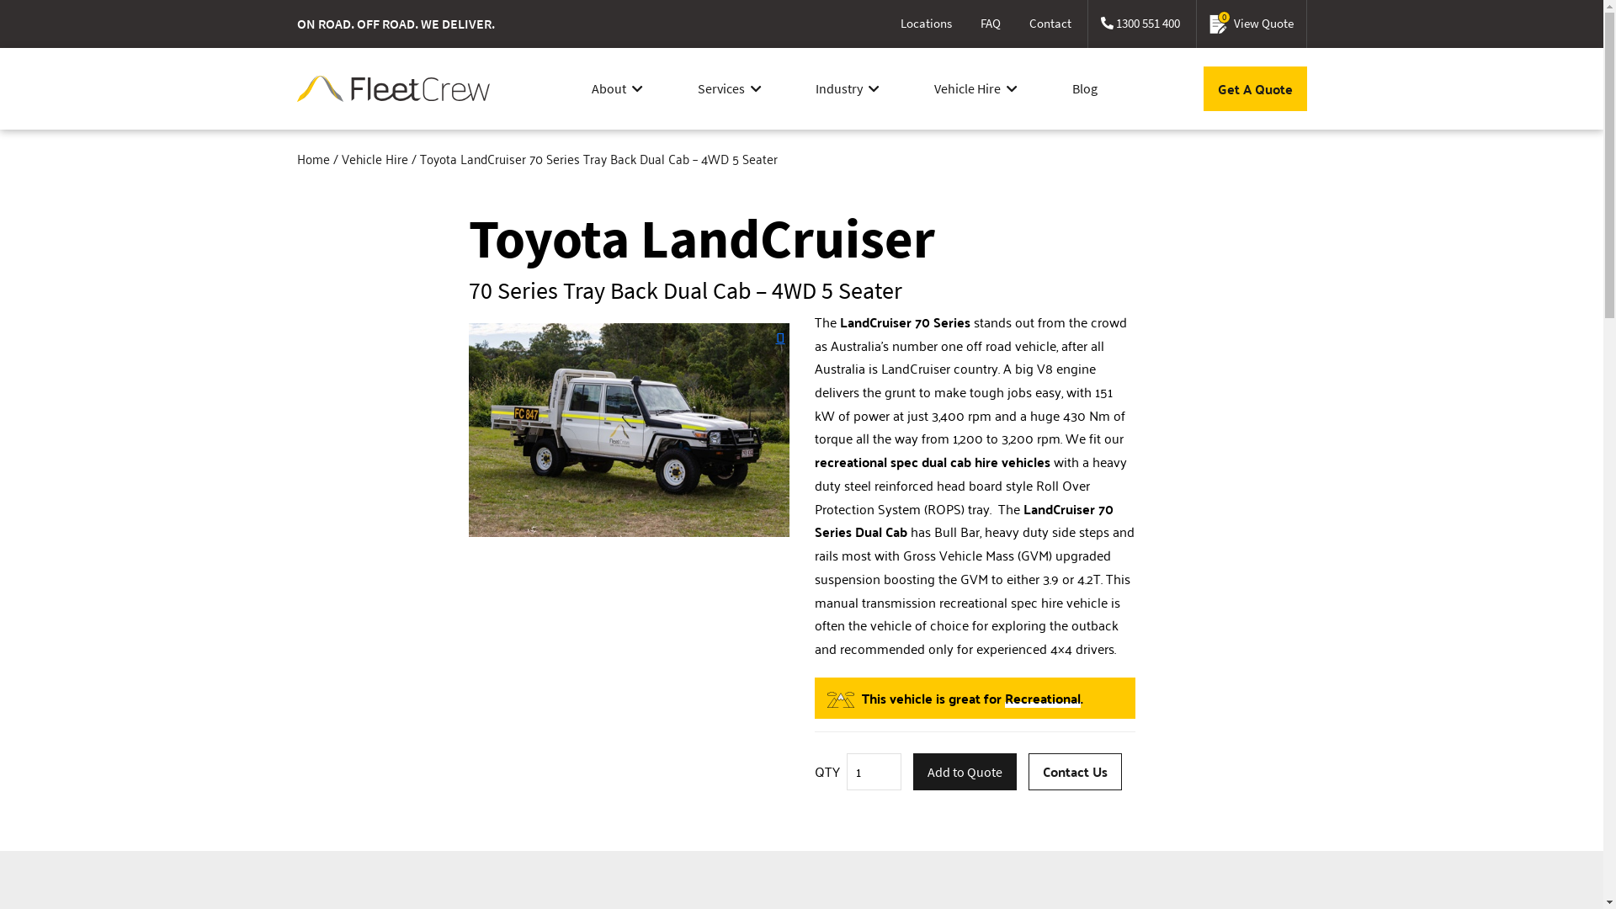 The height and width of the screenshot is (909, 1616). I want to click on 'Add to Quote', so click(964, 772).